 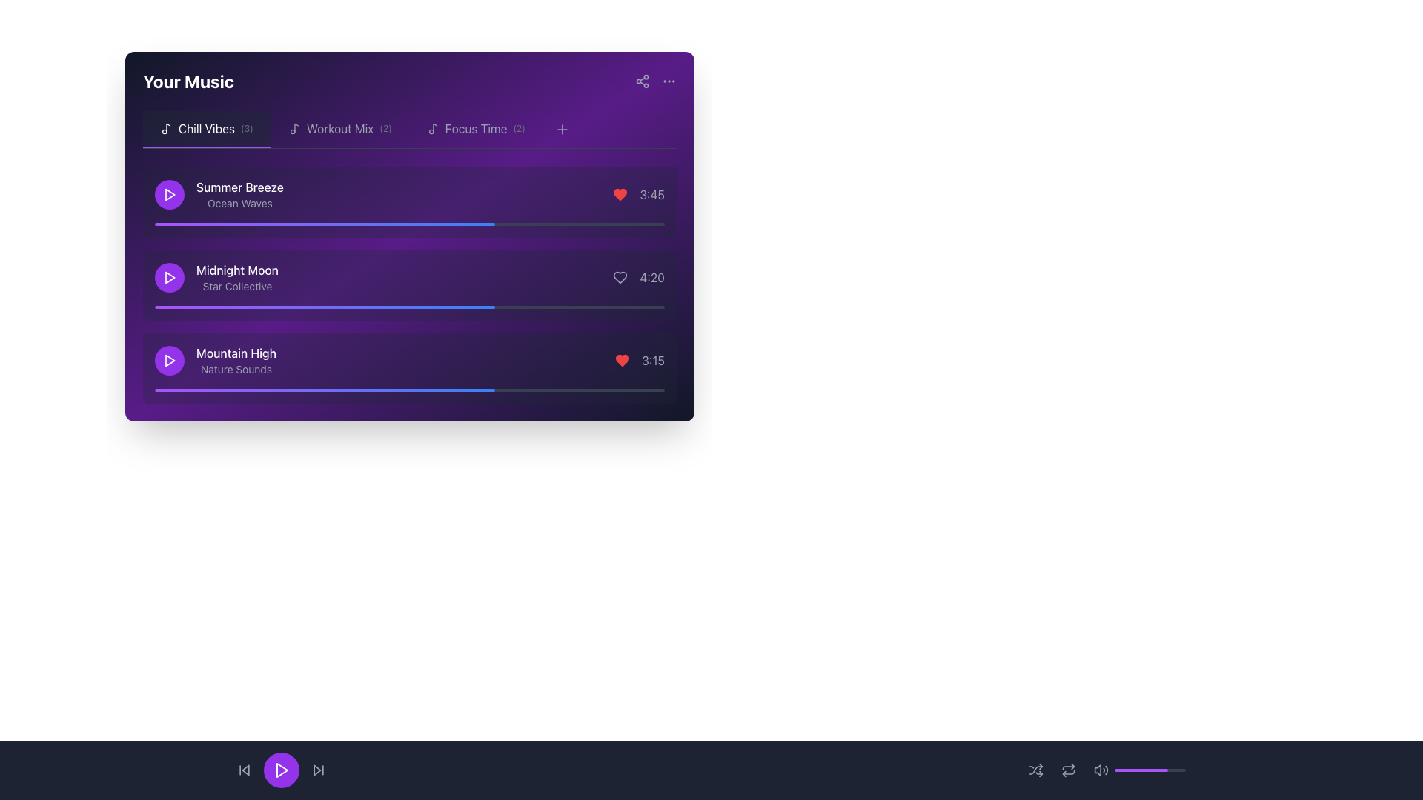 I want to click on the third list item in the 'Chill Vibes' section that contains the song details 'Mountain High' and 'Nature Sounds', so click(x=214, y=360).